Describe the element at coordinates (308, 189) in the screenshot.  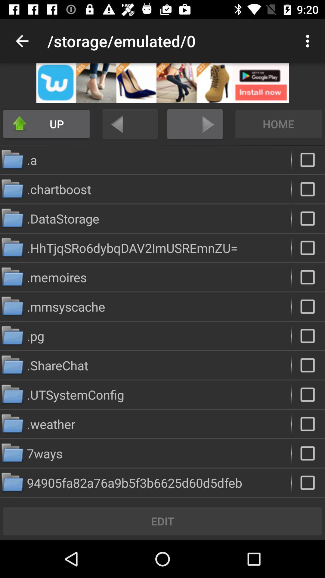
I see `chartboost file` at that location.